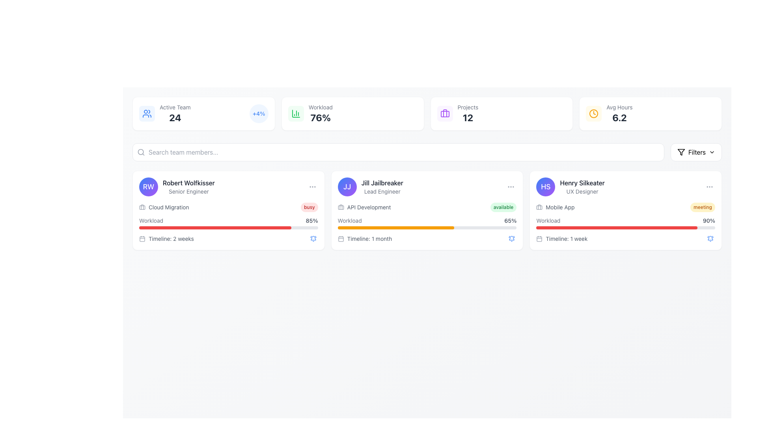 The image size is (757, 425). What do you see at coordinates (510, 220) in the screenshot?
I see `the static text label displaying '65%' indicating workload percentage, which is located to the right of the progress bar labeled 'Workload' within the card for 'Jill Jailbreaker'` at bounding box center [510, 220].